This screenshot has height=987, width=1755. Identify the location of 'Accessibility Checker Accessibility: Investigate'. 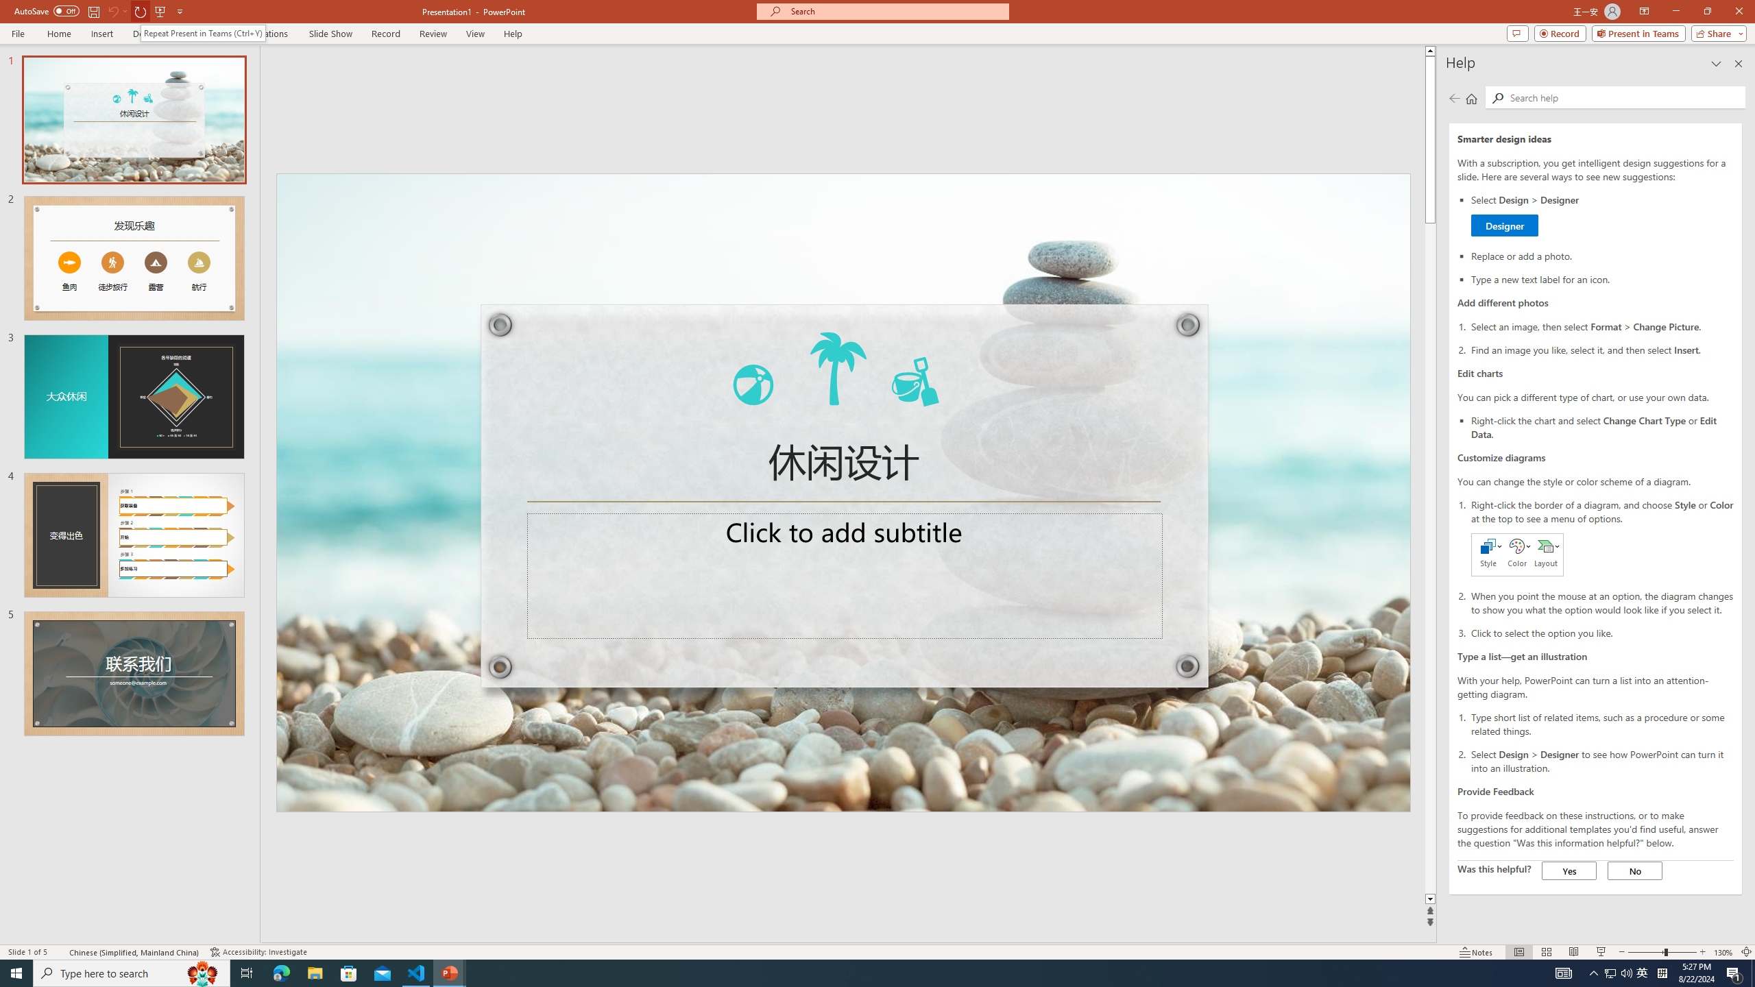
(258, 952).